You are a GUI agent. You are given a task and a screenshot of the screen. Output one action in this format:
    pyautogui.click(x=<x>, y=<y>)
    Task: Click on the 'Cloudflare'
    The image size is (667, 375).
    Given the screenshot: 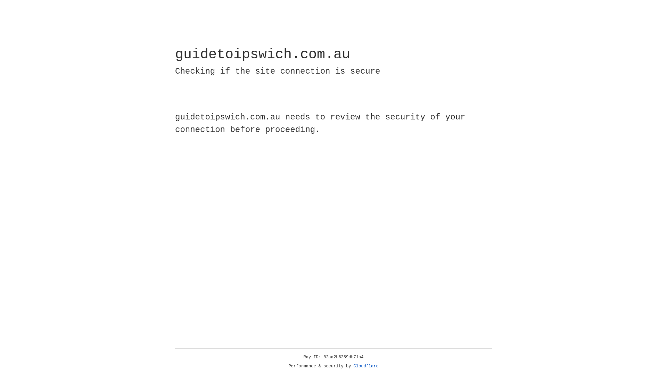 What is the action you would take?
    pyautogui.click(x=366, y=366)
    